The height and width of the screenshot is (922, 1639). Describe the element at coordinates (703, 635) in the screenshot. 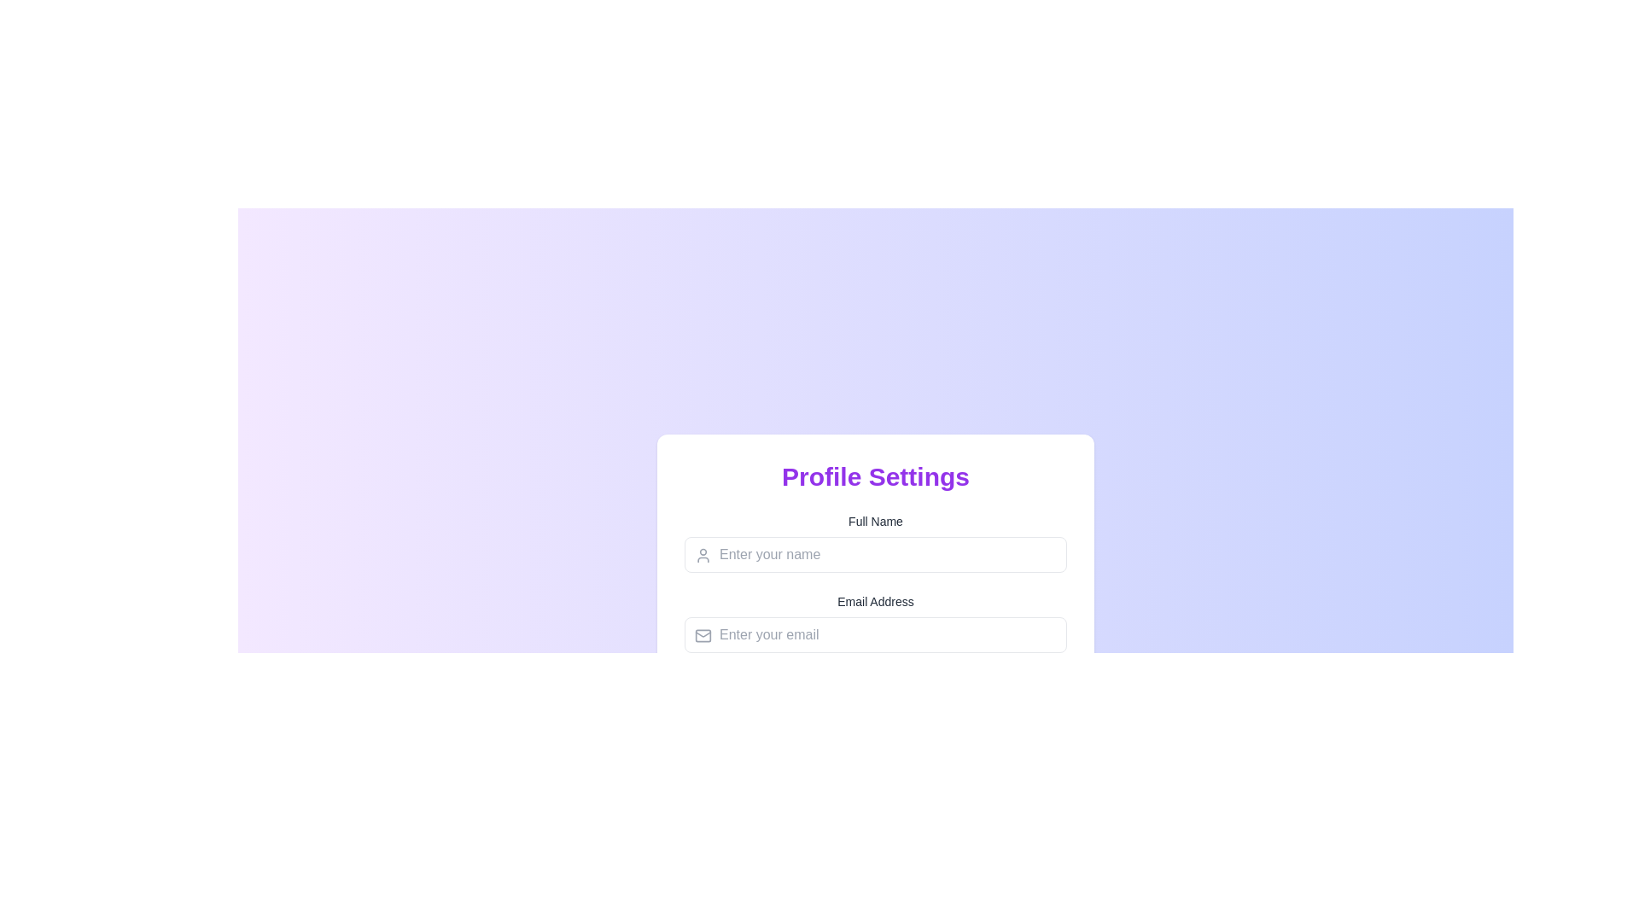

I see `the email envelope icon located beside the 'Email Address' text input field` at that location.